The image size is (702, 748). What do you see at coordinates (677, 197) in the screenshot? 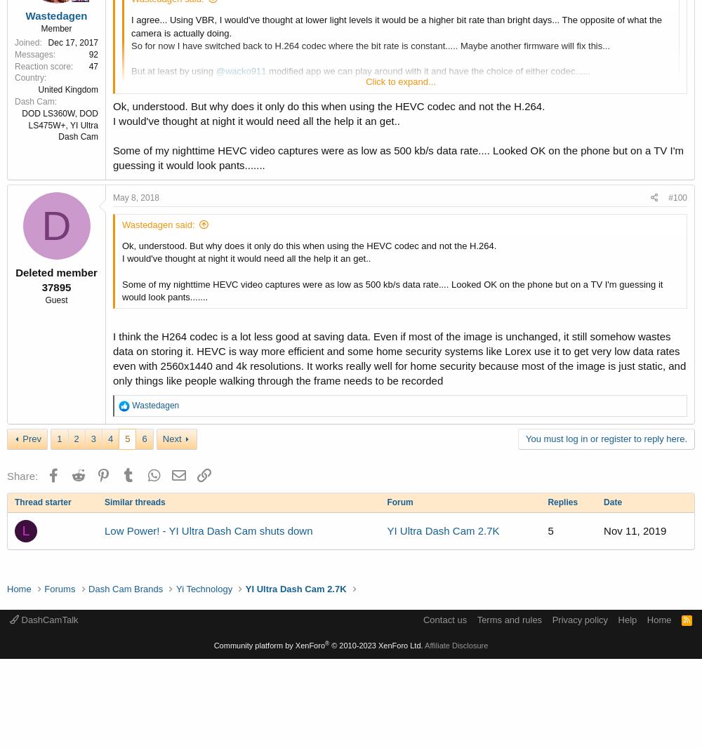
I see `'#100'` at bounding box center [677, 197].